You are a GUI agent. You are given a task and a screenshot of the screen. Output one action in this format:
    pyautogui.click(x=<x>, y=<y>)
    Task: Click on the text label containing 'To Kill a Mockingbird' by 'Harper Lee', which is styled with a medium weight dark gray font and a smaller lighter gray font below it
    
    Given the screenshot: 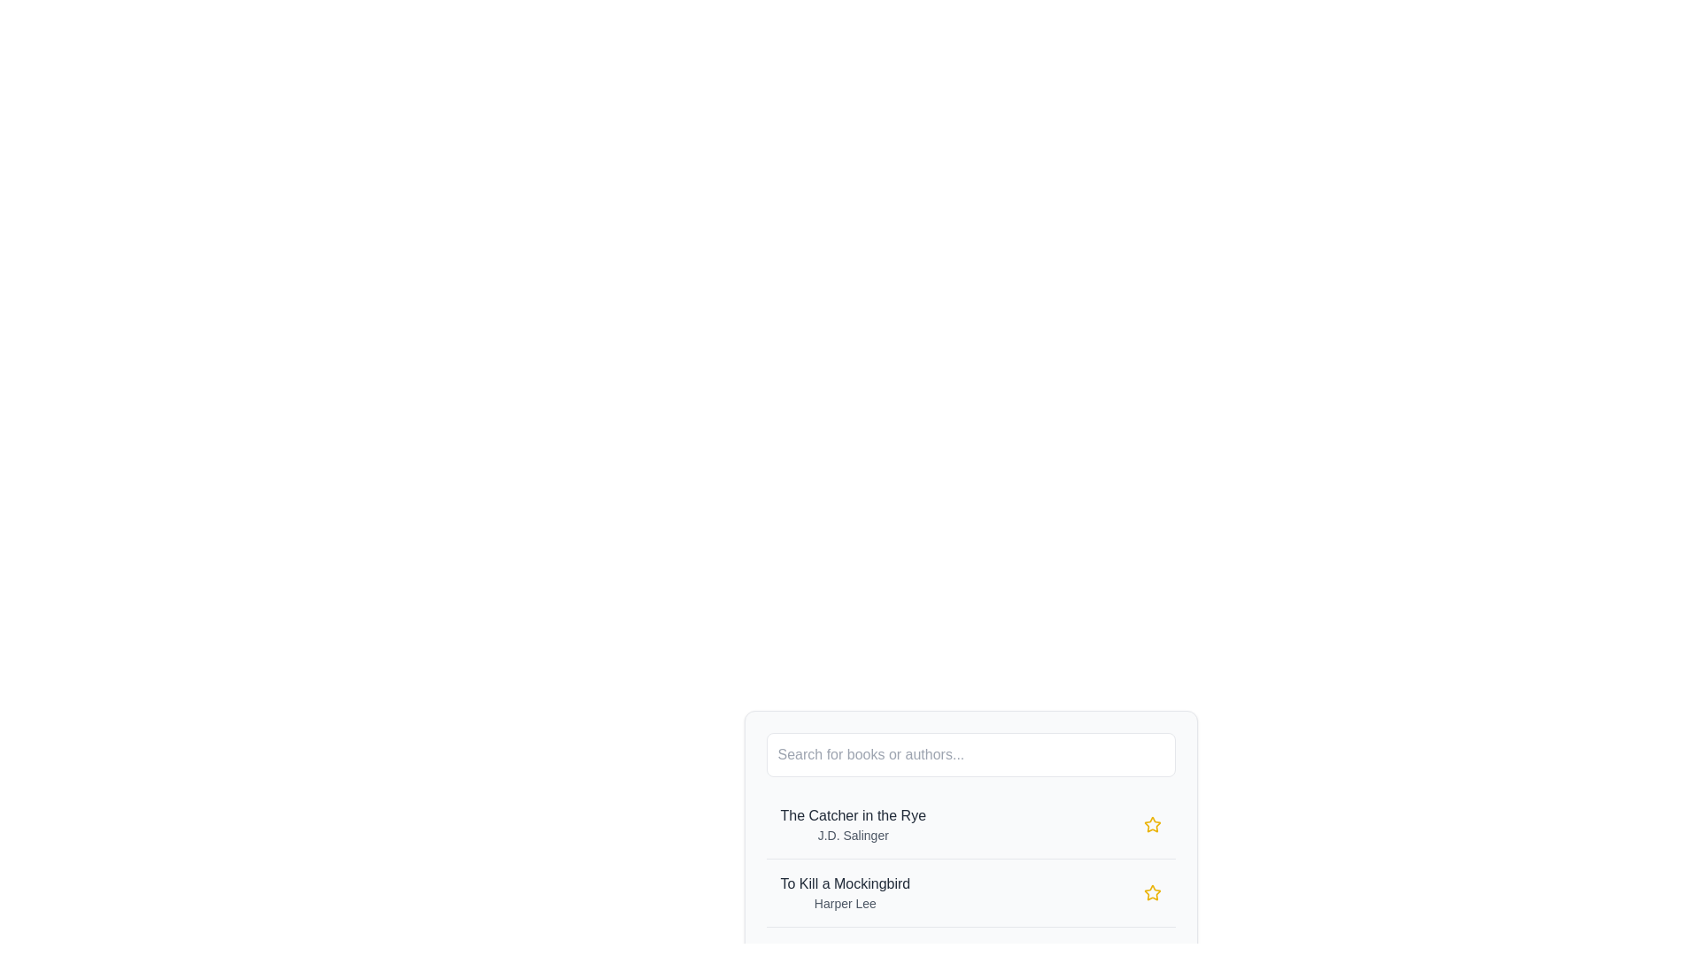 What is the action you would take?
    pyautogui.click(x=844, y=893)
    